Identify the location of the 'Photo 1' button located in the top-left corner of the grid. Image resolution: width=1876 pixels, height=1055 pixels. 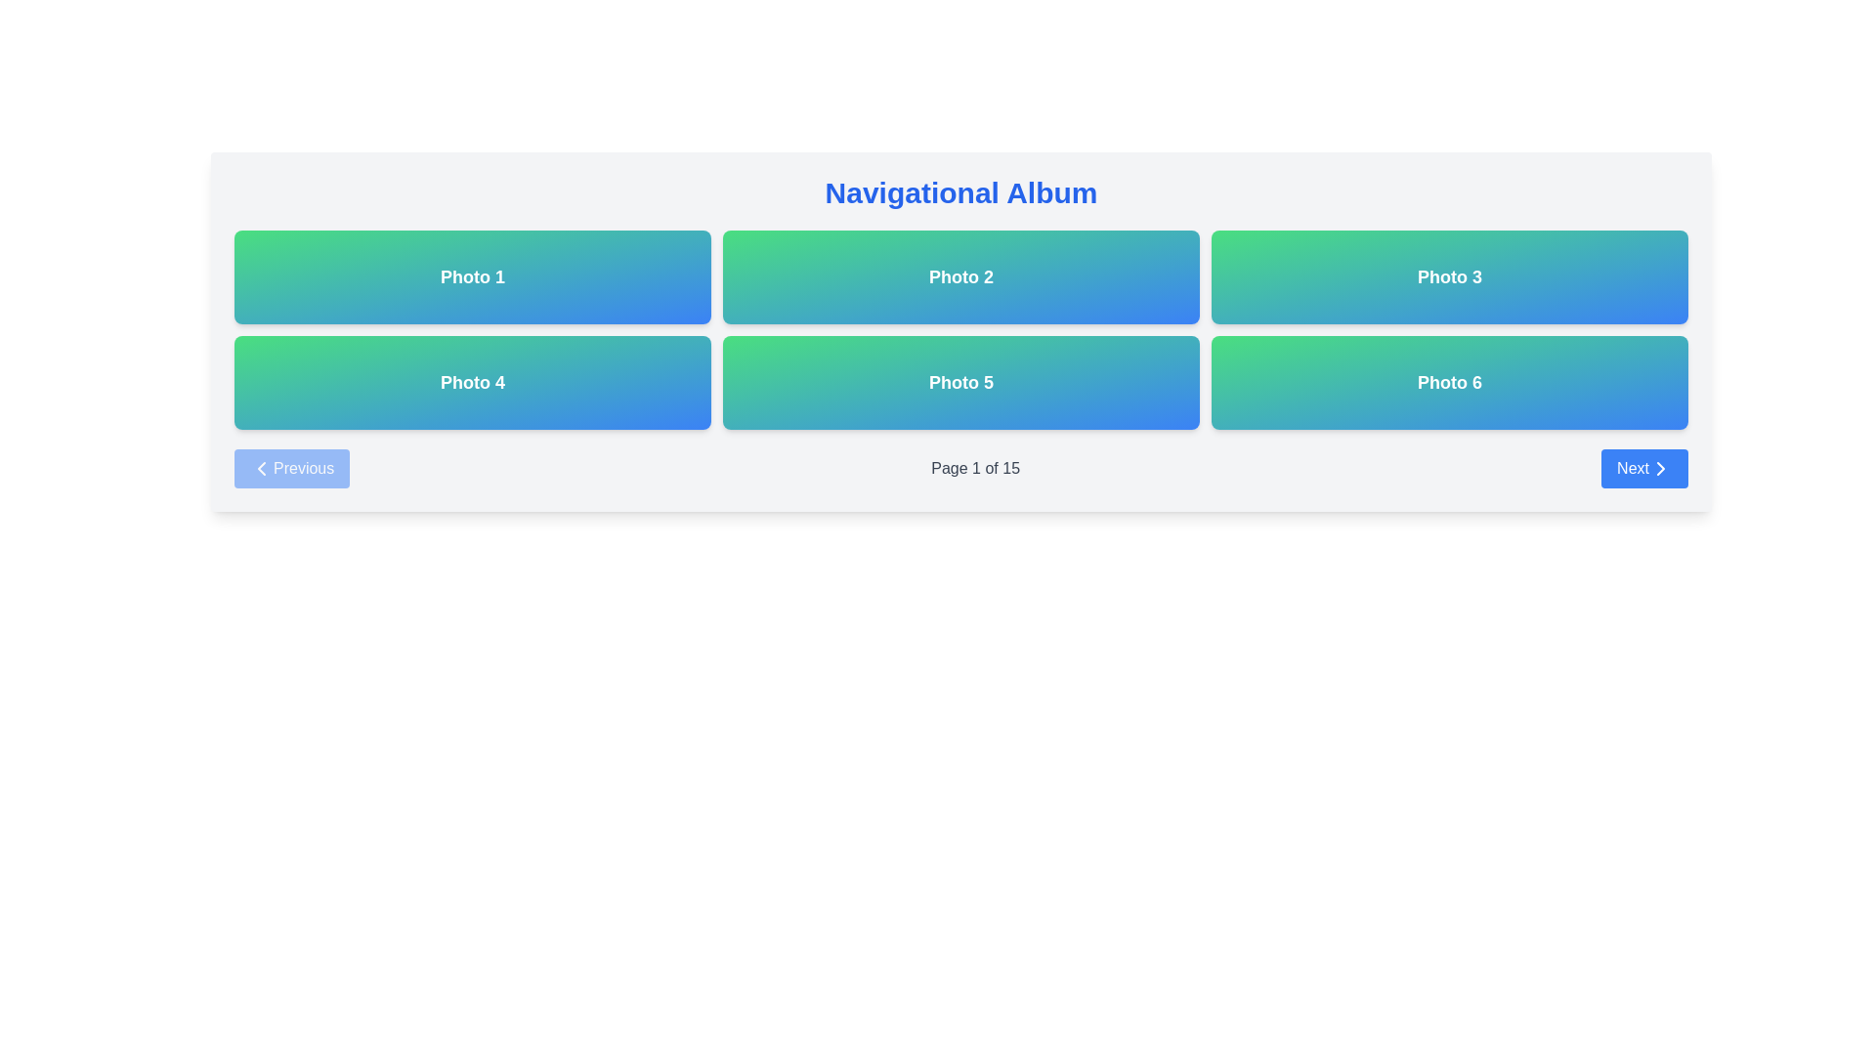
(473, 277).